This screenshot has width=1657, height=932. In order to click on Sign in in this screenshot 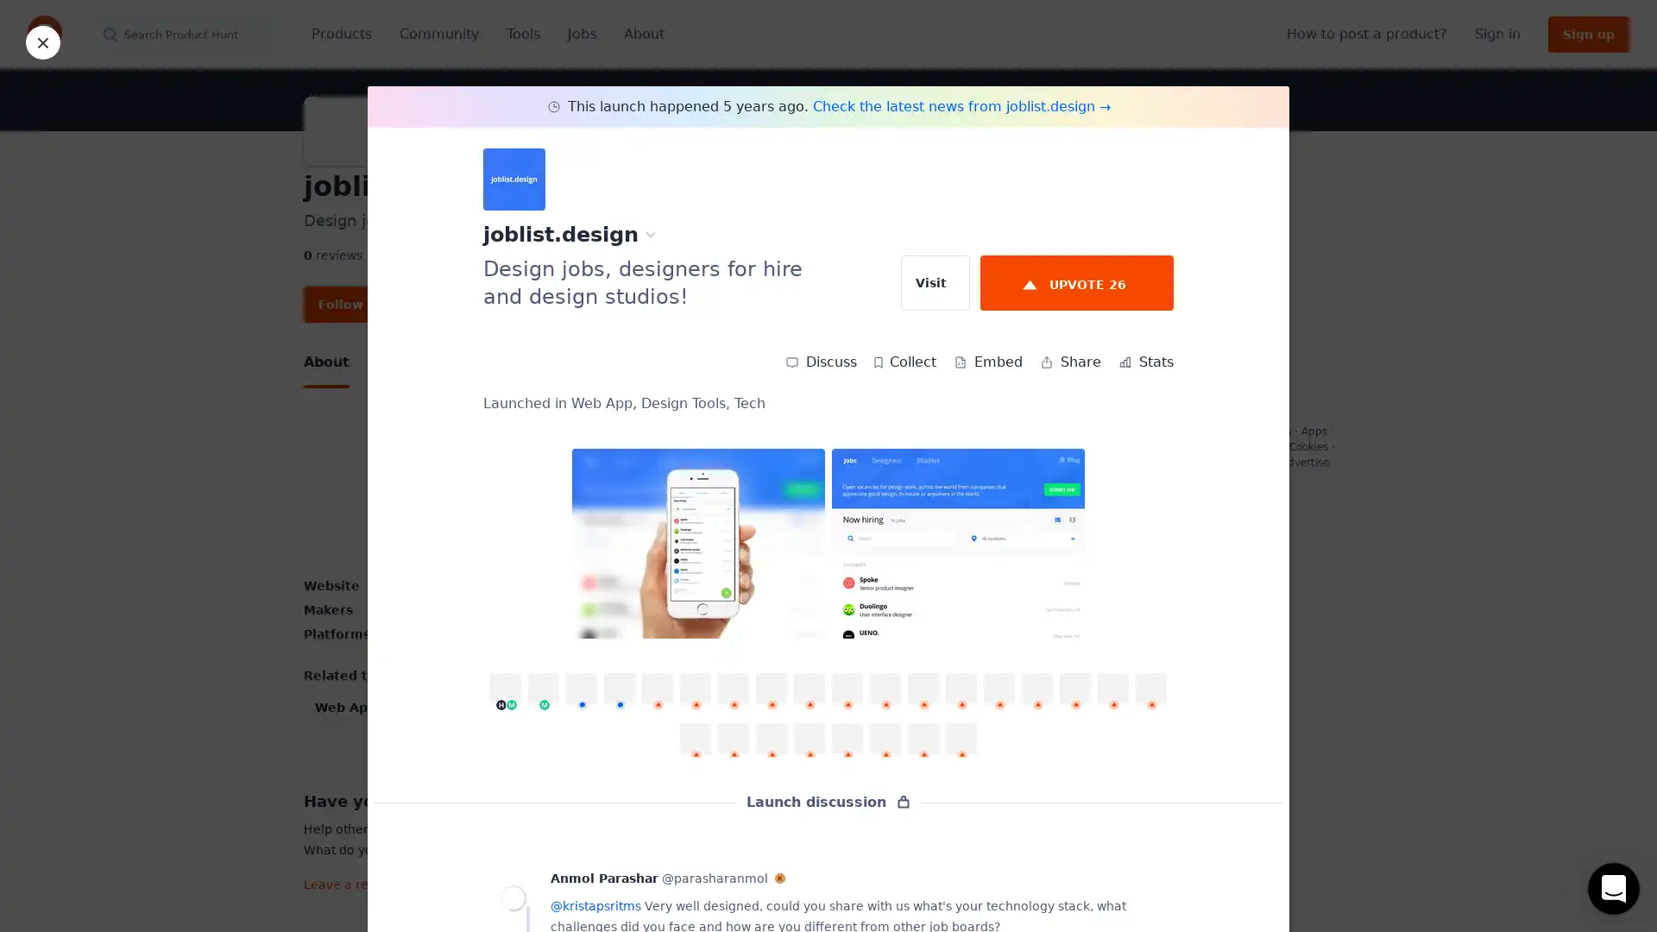, I will do `click(1496, 34)`.